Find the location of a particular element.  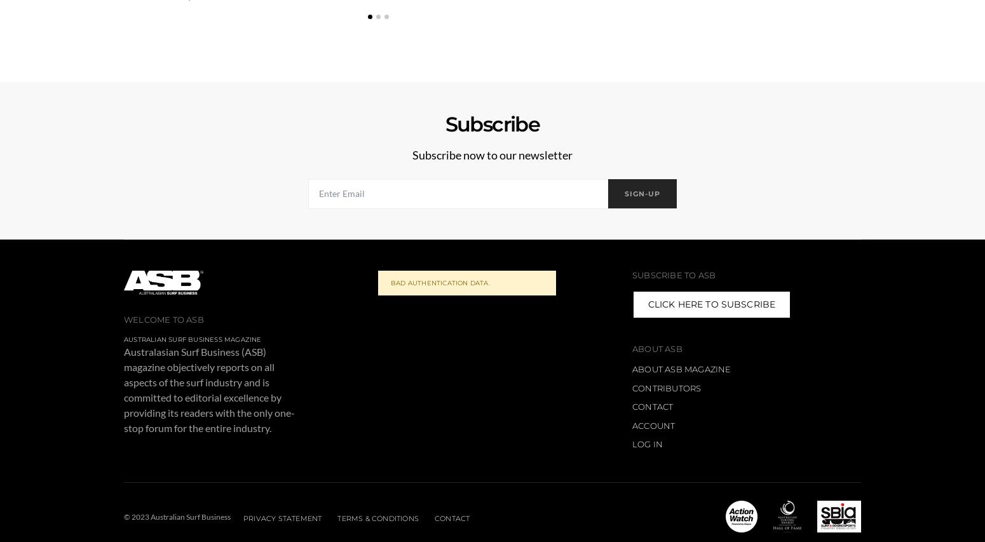

'Terms & Conditions' is located at coordinates (378, 517).